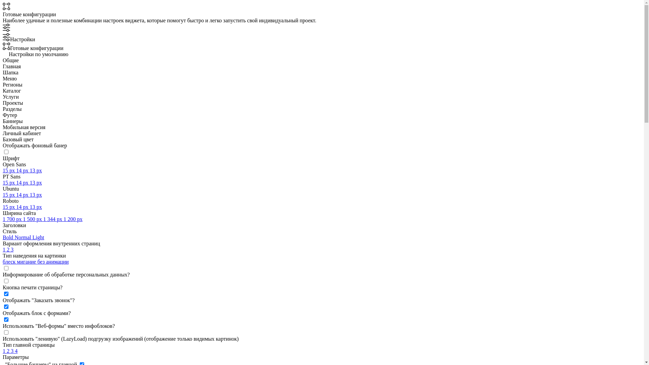  I want to click on '4', so click(16, 350).